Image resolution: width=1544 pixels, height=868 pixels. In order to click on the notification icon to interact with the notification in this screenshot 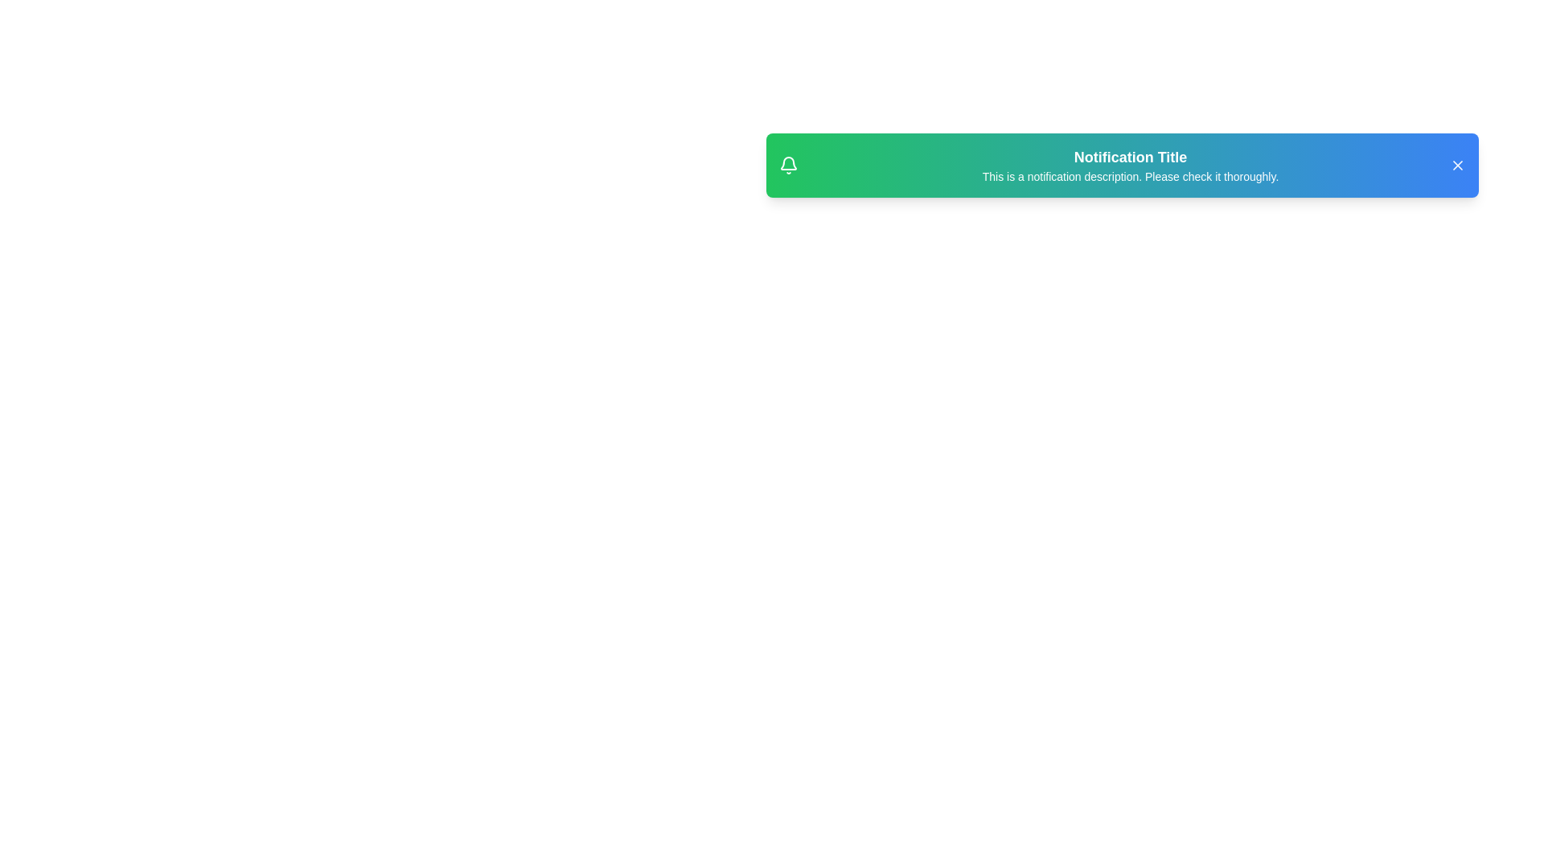, I will do `click(788, 165)`.